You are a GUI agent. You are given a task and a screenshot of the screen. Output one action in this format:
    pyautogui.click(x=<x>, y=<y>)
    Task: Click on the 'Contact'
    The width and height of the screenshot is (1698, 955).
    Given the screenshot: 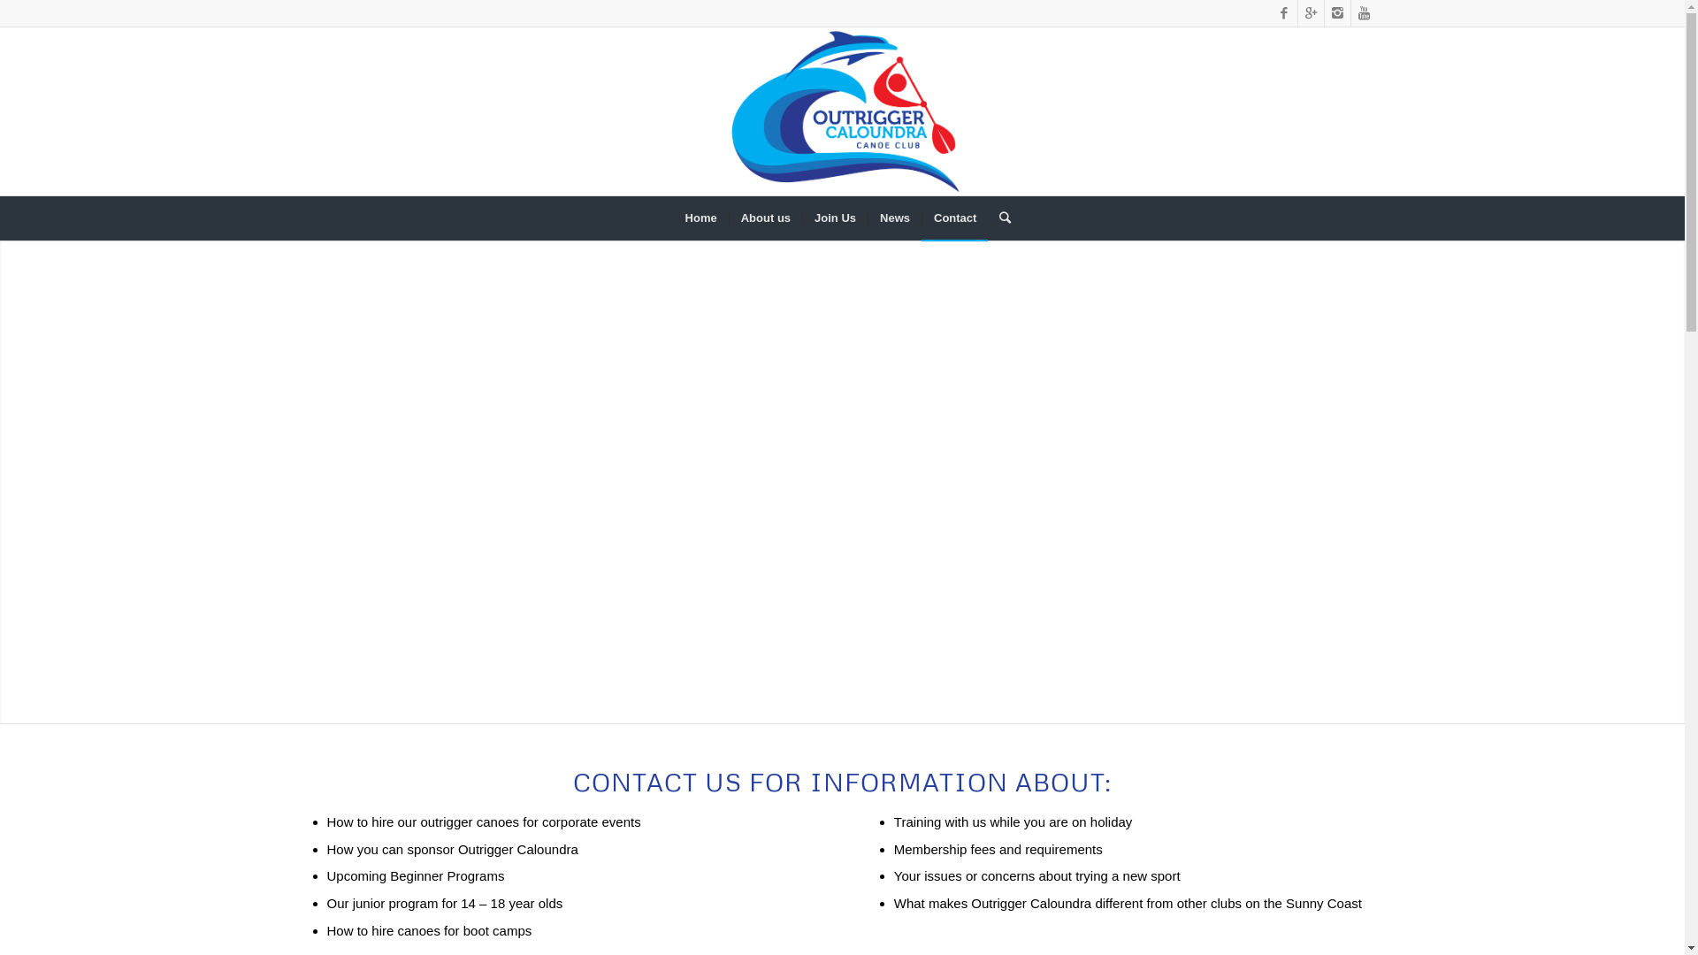 What is the action you would take?
    pyautogui.click(x=953, y=217)
    